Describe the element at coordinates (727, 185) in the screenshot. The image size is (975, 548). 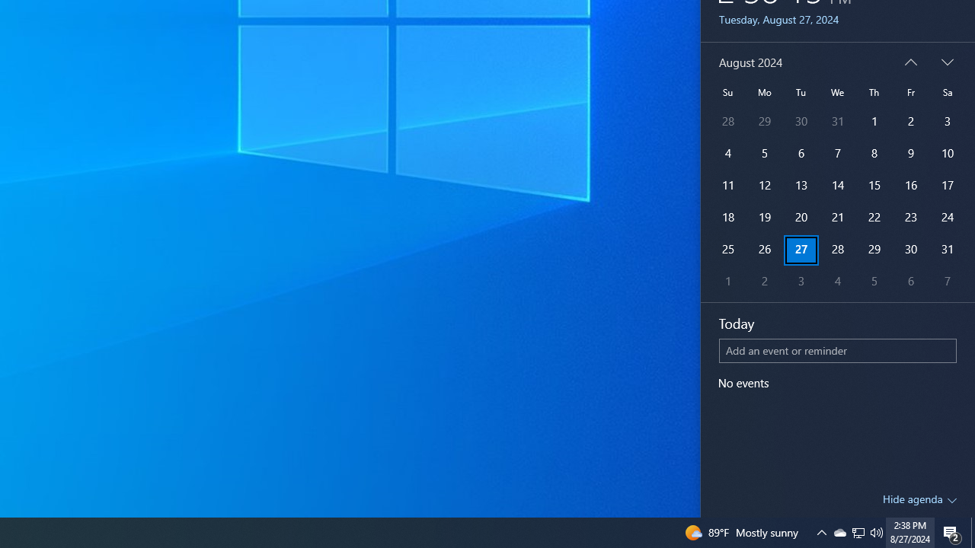
I see `'12'` at that location.